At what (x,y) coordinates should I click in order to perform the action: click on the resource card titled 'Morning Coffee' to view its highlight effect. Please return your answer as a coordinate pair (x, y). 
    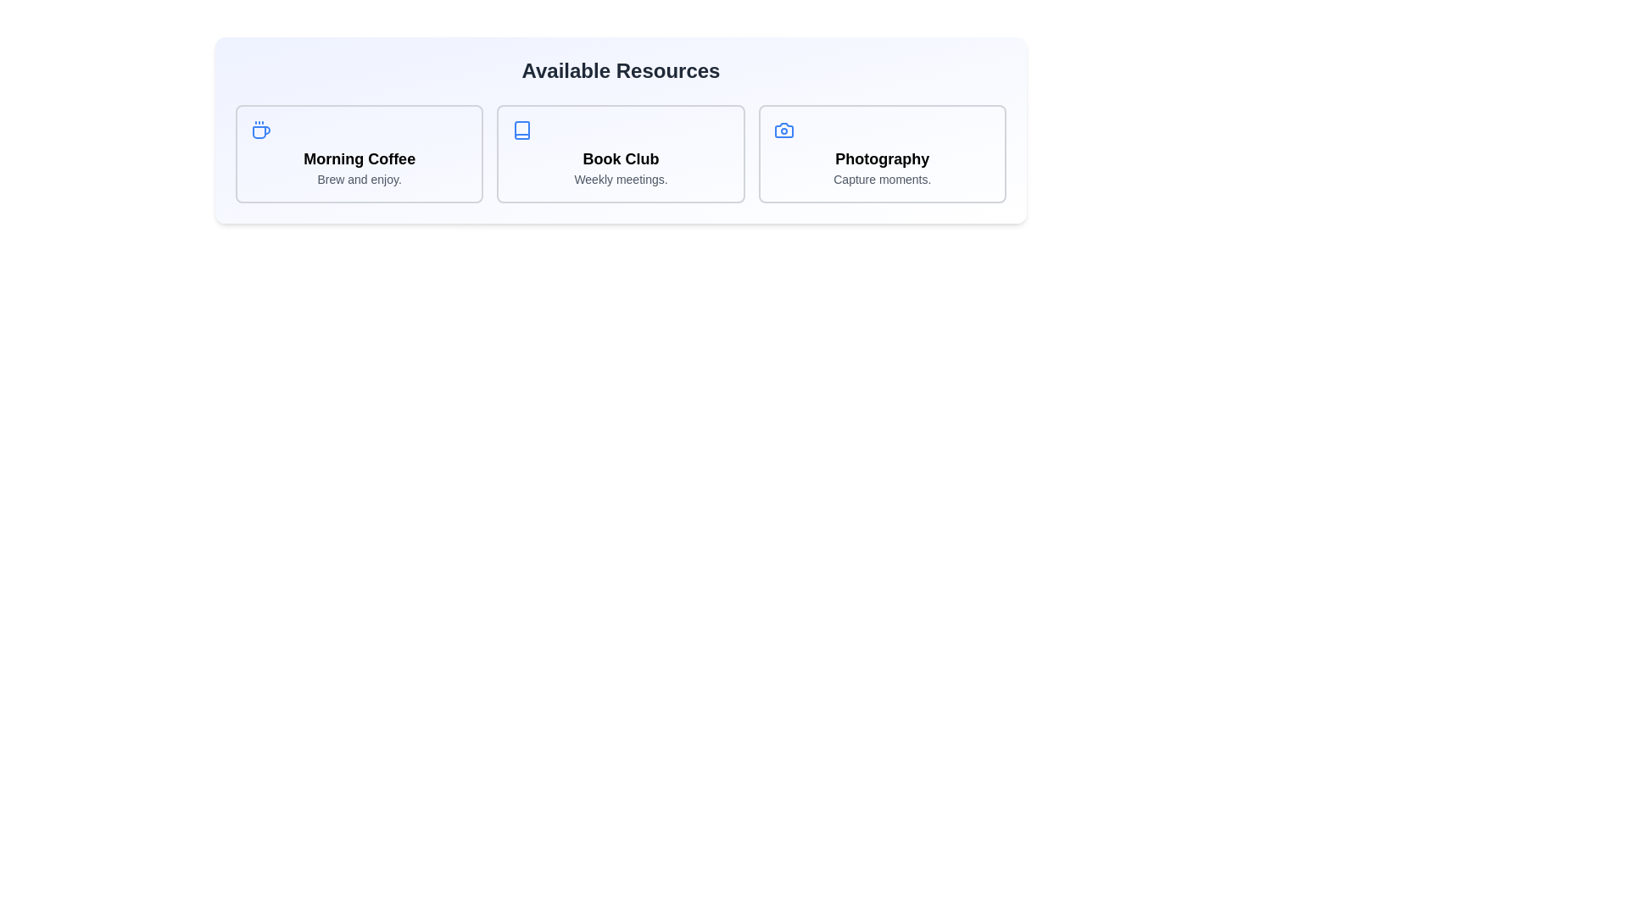
    Looking at the image, I should click on (358, 153).